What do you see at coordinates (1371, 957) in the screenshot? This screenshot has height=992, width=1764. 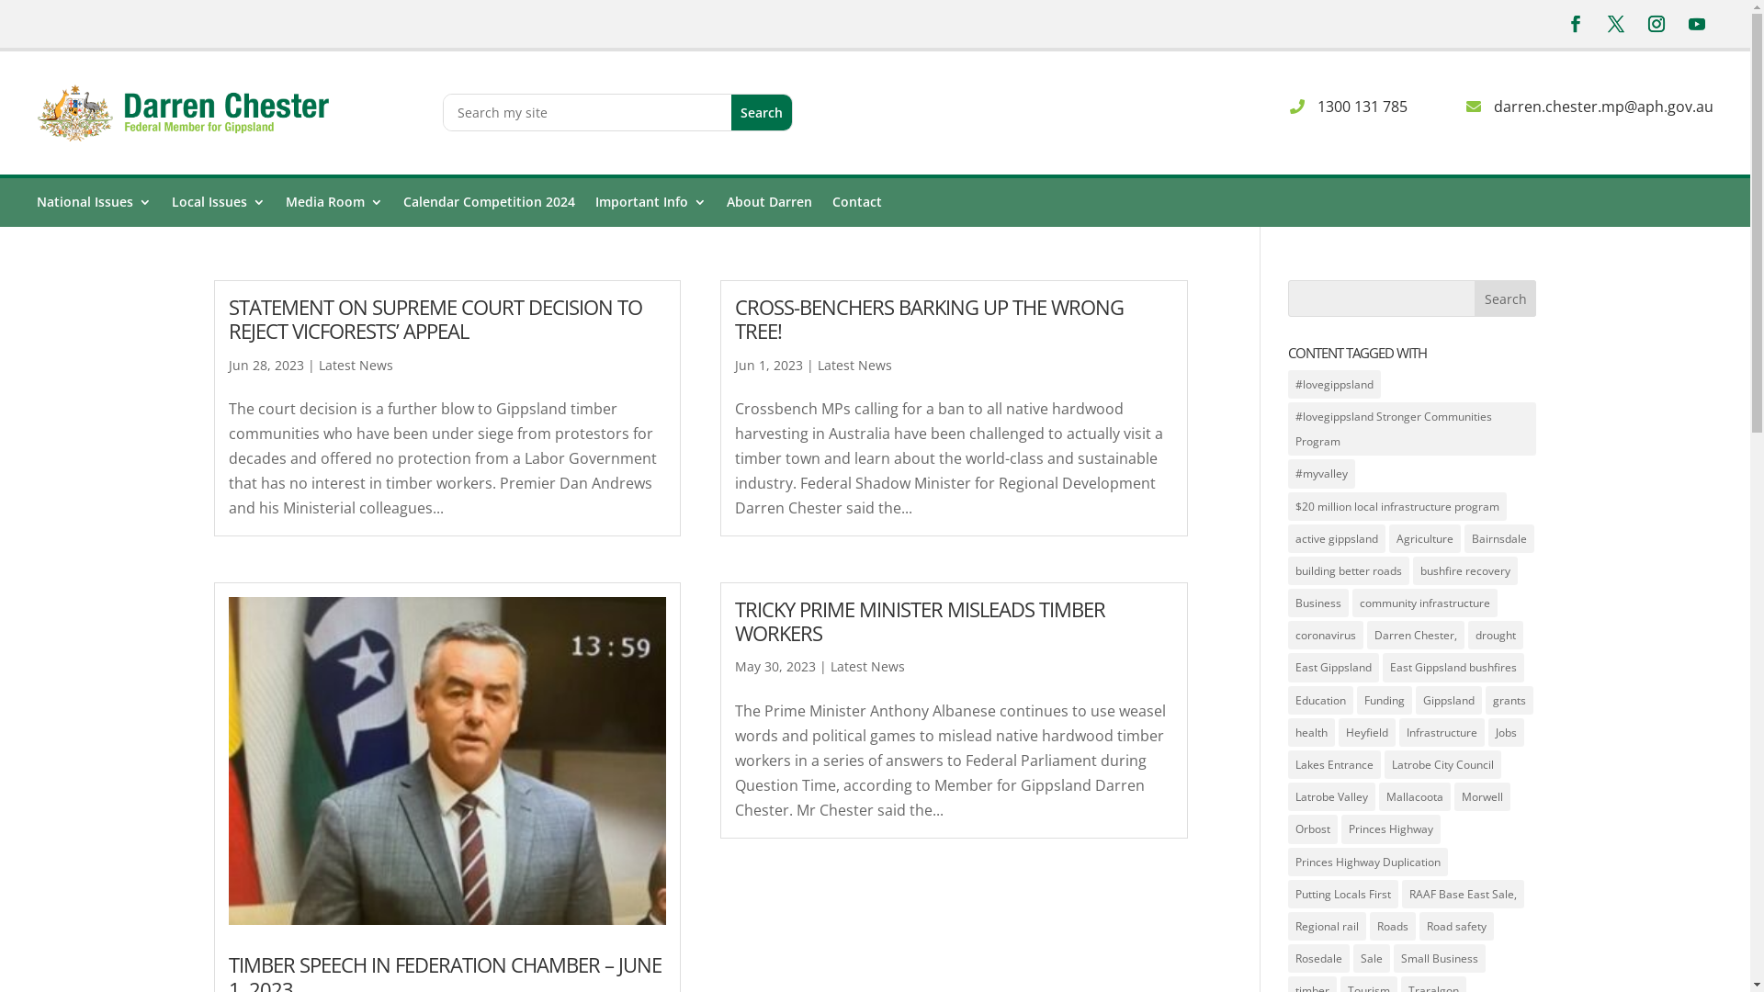 I see `'Sale'` at bounding box center [1371, 957].